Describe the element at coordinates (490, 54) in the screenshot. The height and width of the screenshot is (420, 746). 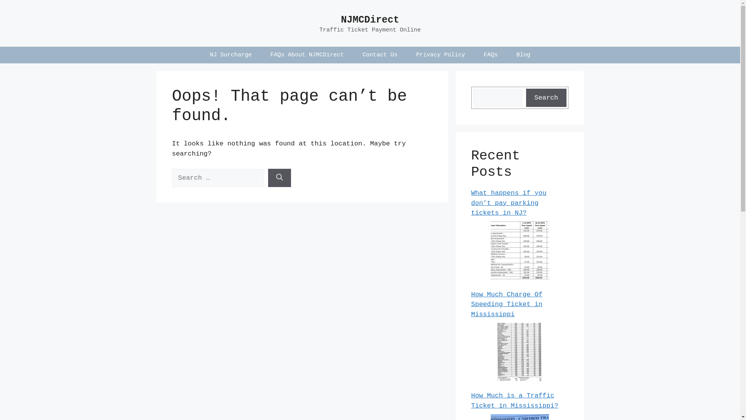
I see `'FAQs'` at that location.